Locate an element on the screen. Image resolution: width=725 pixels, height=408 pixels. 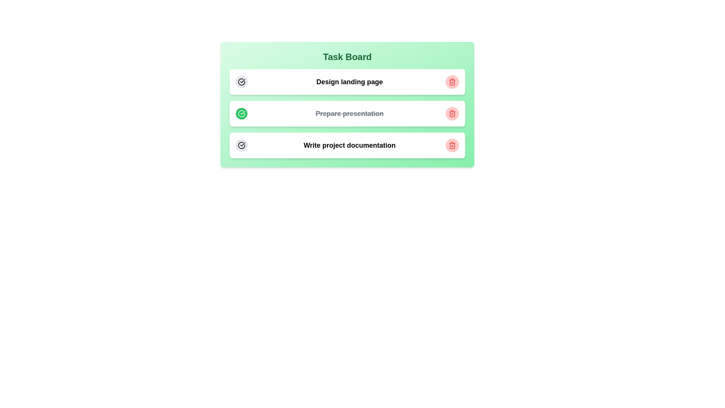
the trash icon of the task with title Write project documentation to delete it is located at coordinates (452, 145).